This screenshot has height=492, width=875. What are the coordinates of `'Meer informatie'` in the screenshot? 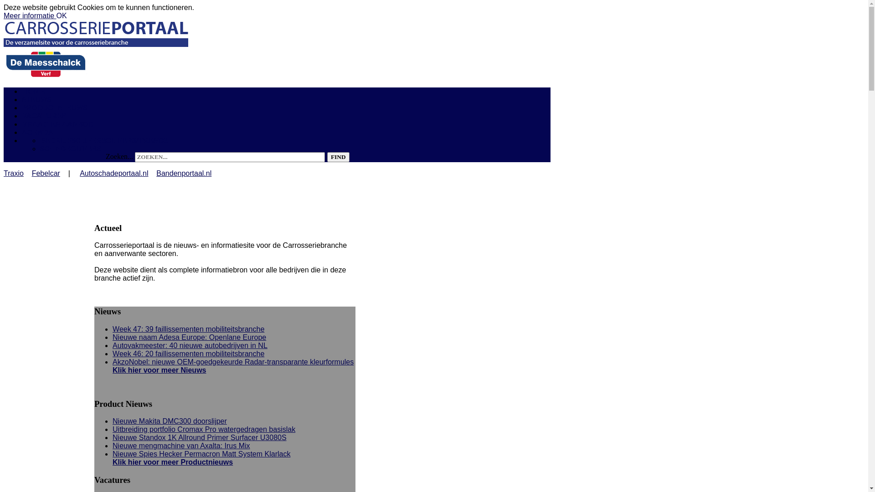 It's located at (30, 15).